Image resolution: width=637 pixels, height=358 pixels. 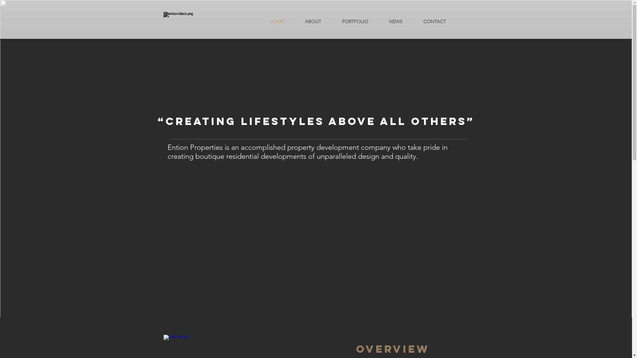 What do you see at coordinates (277, 21) in the screenshot?
I see `'HOME'` at bounding box center [277, 21].